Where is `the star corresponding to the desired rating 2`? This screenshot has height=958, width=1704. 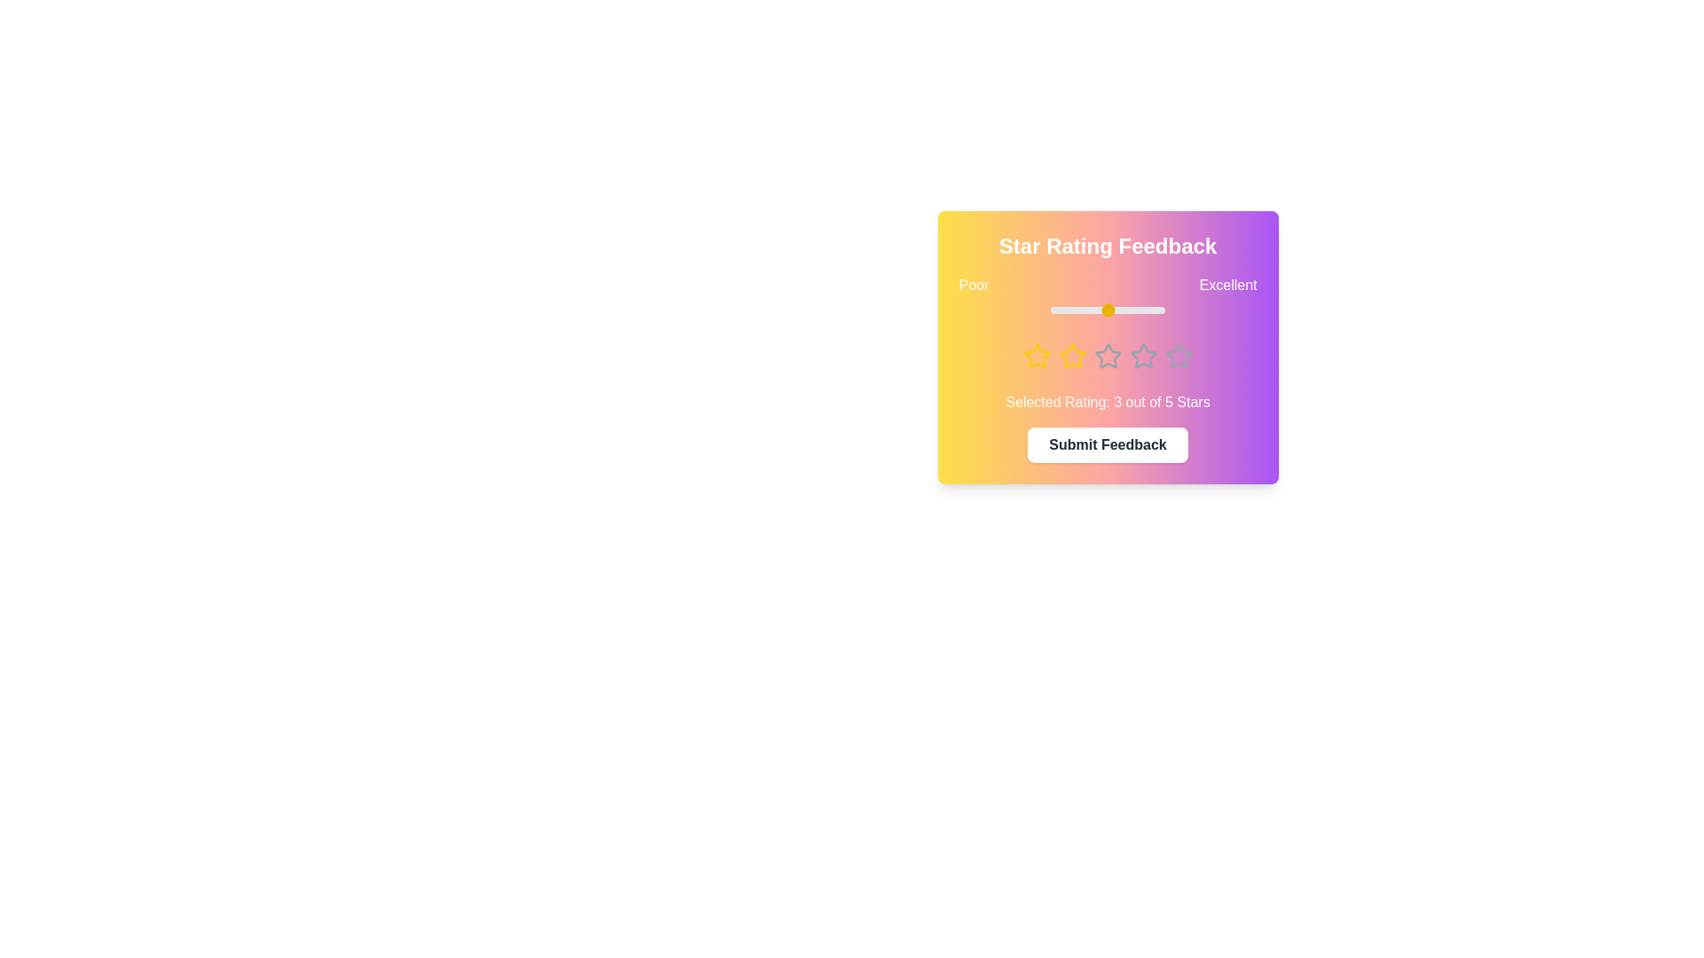
the star corresponding to the desired rating 2 is located at coordinates (1071, 356).